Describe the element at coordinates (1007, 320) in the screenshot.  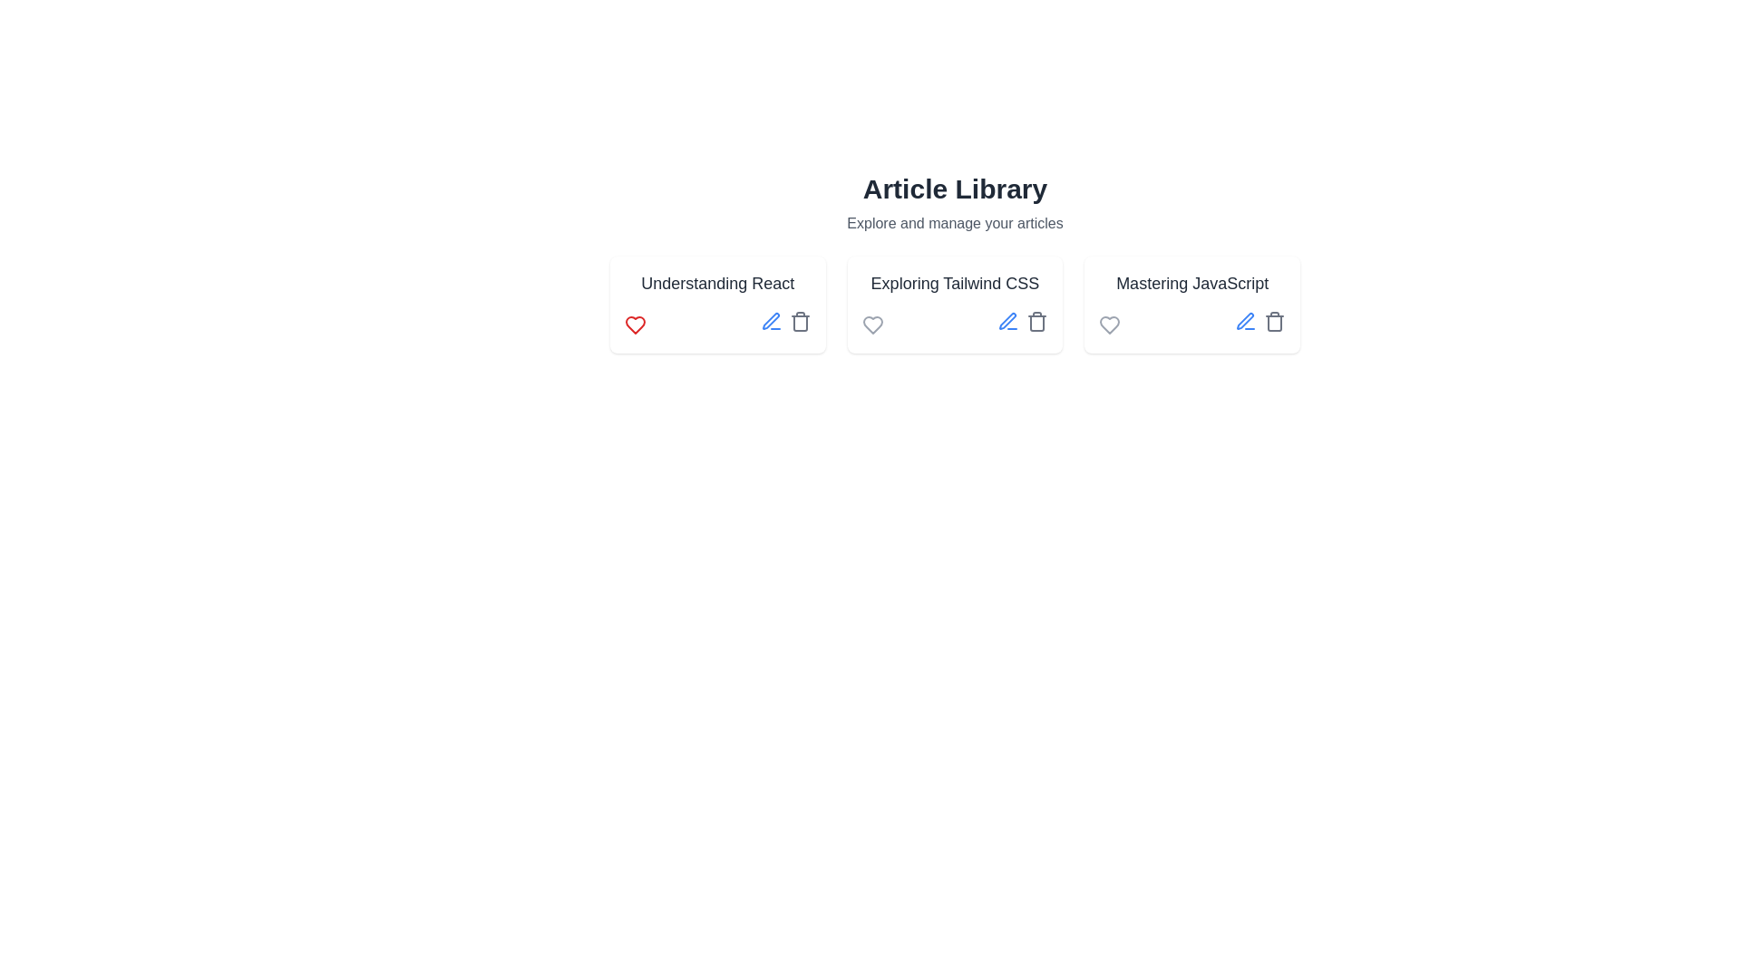
I see `the SVG editing icon (pen) located within the 'Exploring Tailwind CSS' card to initiate editing` at that location.